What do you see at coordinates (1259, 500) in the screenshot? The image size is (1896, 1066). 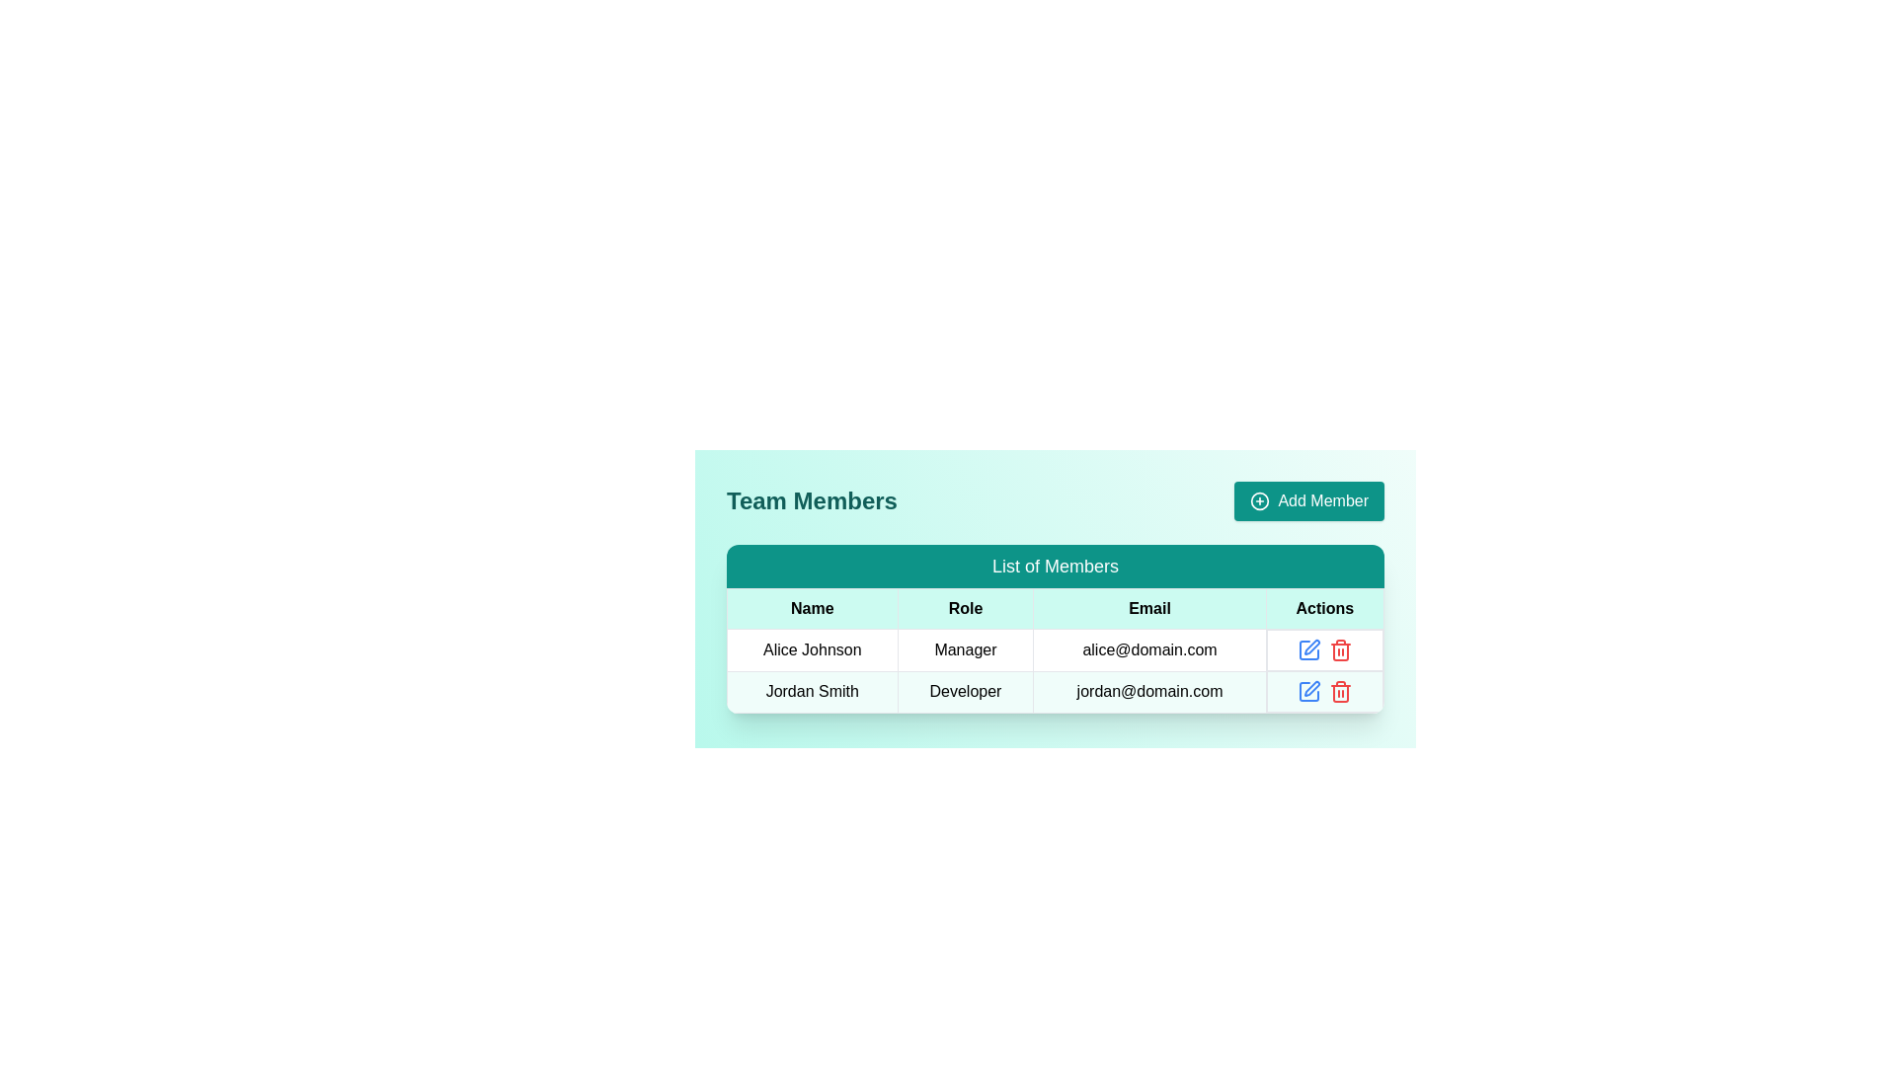 I see `the circle-plus icon located to the left of the 'Add Member' text within the button in the top-right corner of the interface` at bounding box center [1259, 500].